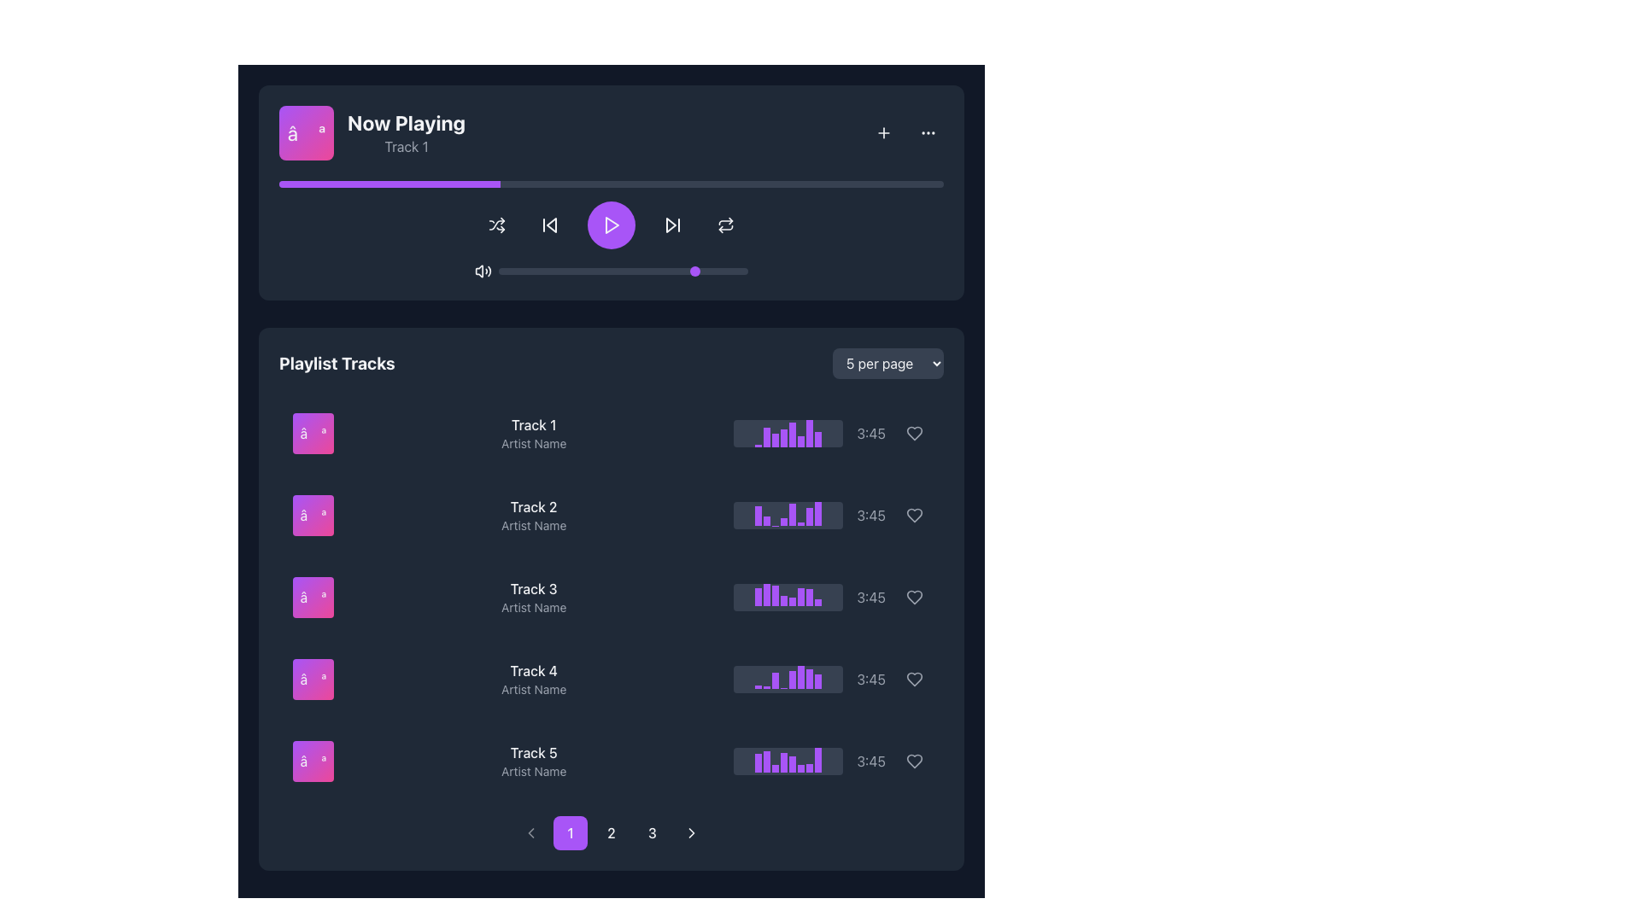 Image resolution: width=1640 pixels, height=922 pixels. I want to click on the third graphical bar in the bar chart representation, which indicates data such as track popularity or play count, located adjacent to the track time display of 'Track 4', so click(775, 680).